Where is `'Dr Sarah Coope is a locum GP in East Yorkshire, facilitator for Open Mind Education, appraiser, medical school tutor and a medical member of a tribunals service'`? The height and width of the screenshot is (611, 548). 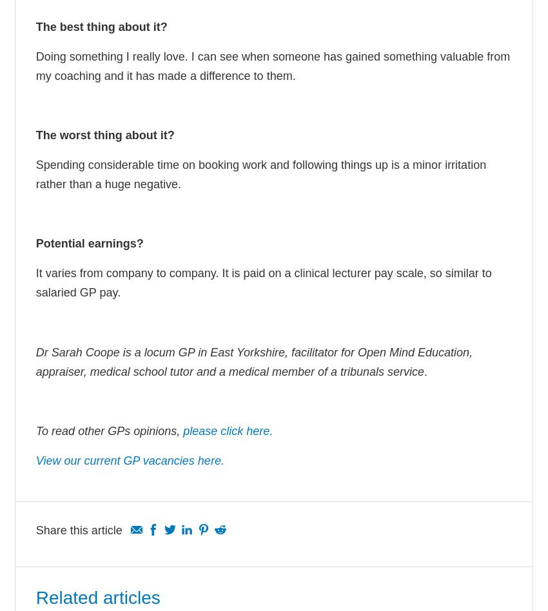
'Dr Sarah Coope is a locum GP in East Yorkshire, facilitator for Open Mind Education, appraiser, medical school tutor and a medical member of a tribunals service' is located at coordinates (253, 362).